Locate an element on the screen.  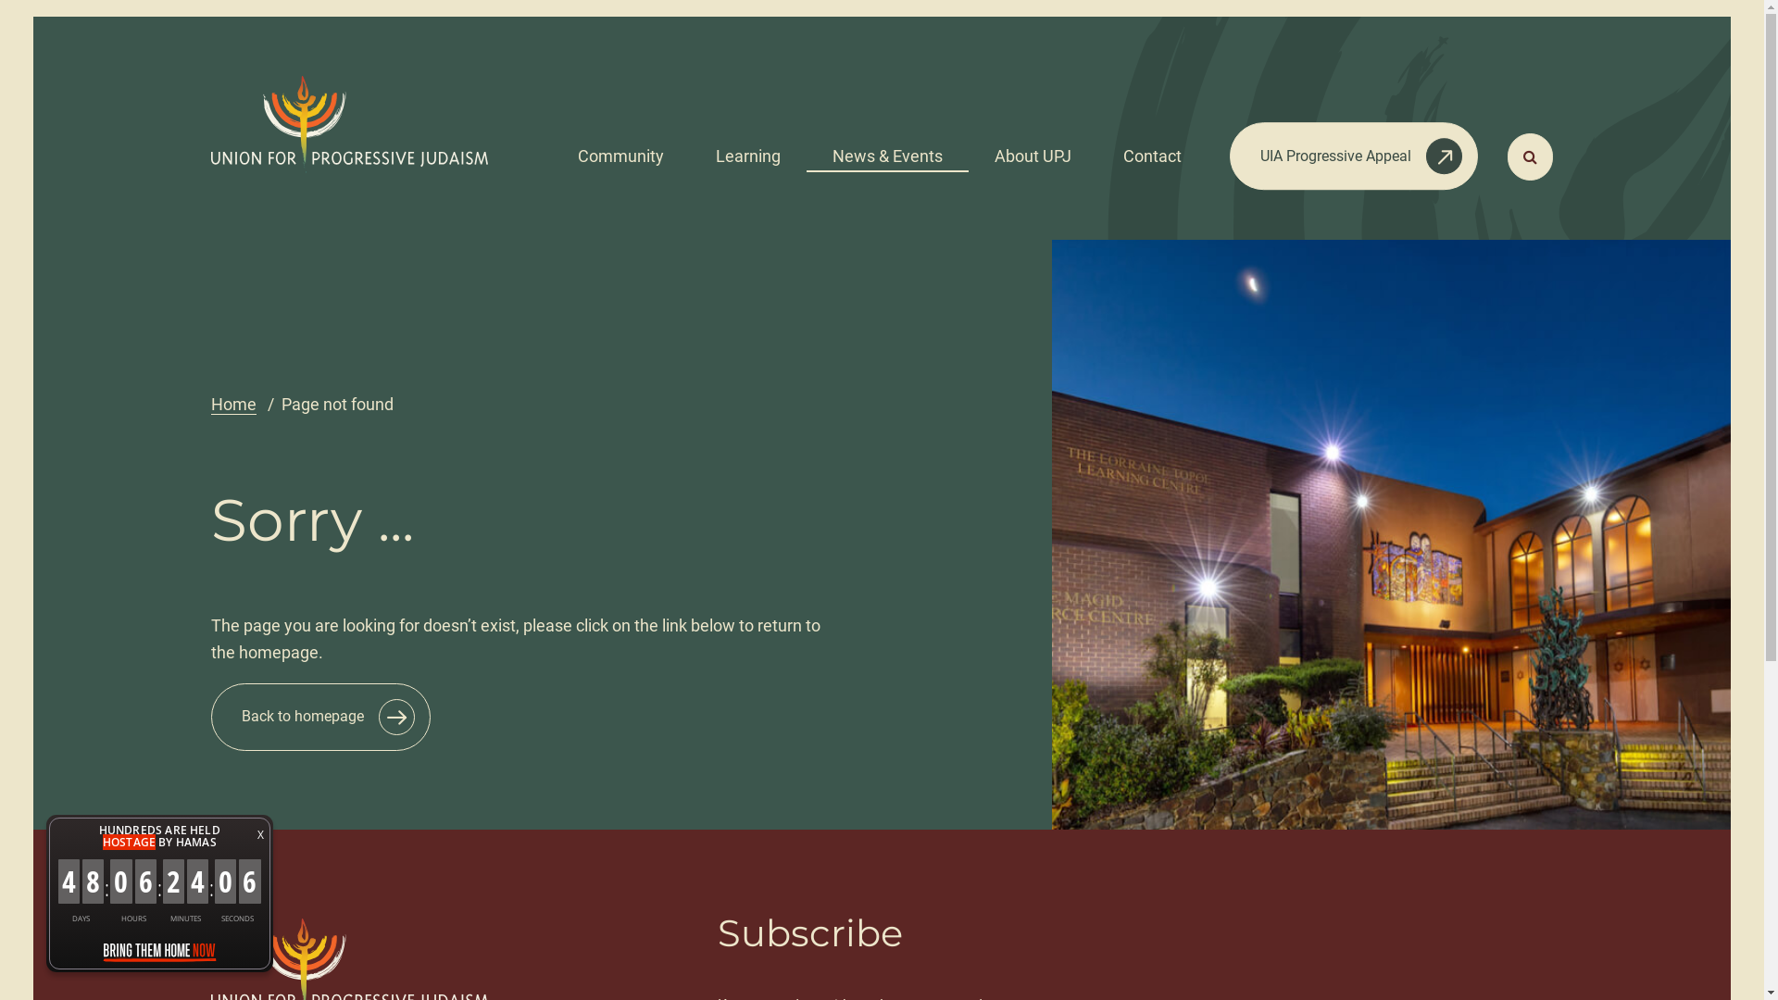
'Learning' is located at coordinates (688, 149).